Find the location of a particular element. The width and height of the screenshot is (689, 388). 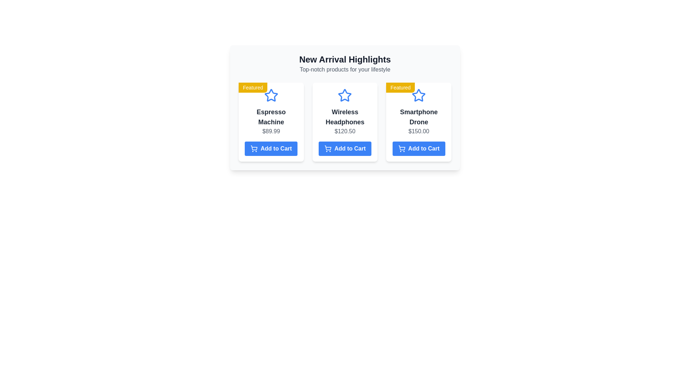

the blue outlined star icon located at the top-right area of the 'Smartphone Drone' product card, just beneath the 'Featured' label is located at coordinates (419, 95).